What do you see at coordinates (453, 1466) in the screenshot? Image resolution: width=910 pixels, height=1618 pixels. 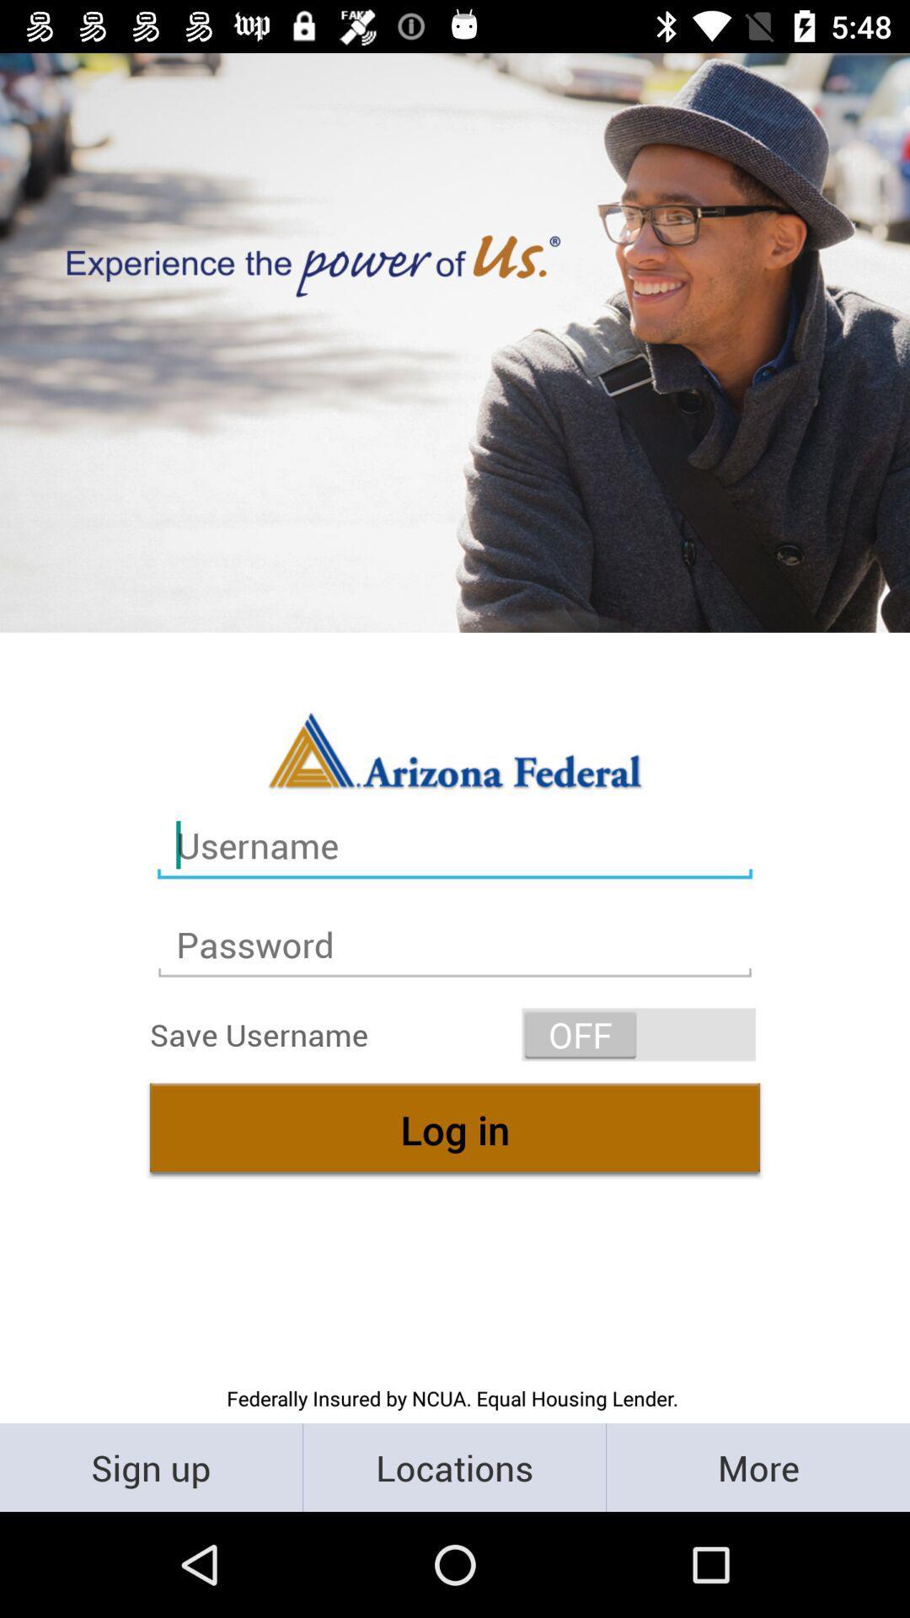 I see `item below federally insured by item` at bounding box center [453, 1466].